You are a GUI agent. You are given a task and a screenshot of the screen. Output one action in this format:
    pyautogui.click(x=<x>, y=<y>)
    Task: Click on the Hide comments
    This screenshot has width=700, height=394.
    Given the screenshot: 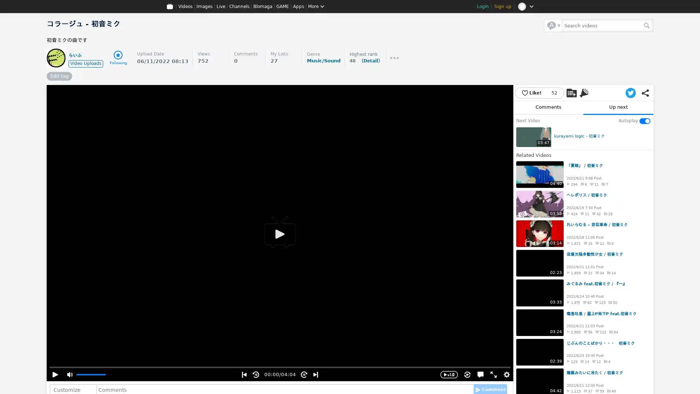 What is the action you would take?
    pyautogui.click(x=481, y=374)
    